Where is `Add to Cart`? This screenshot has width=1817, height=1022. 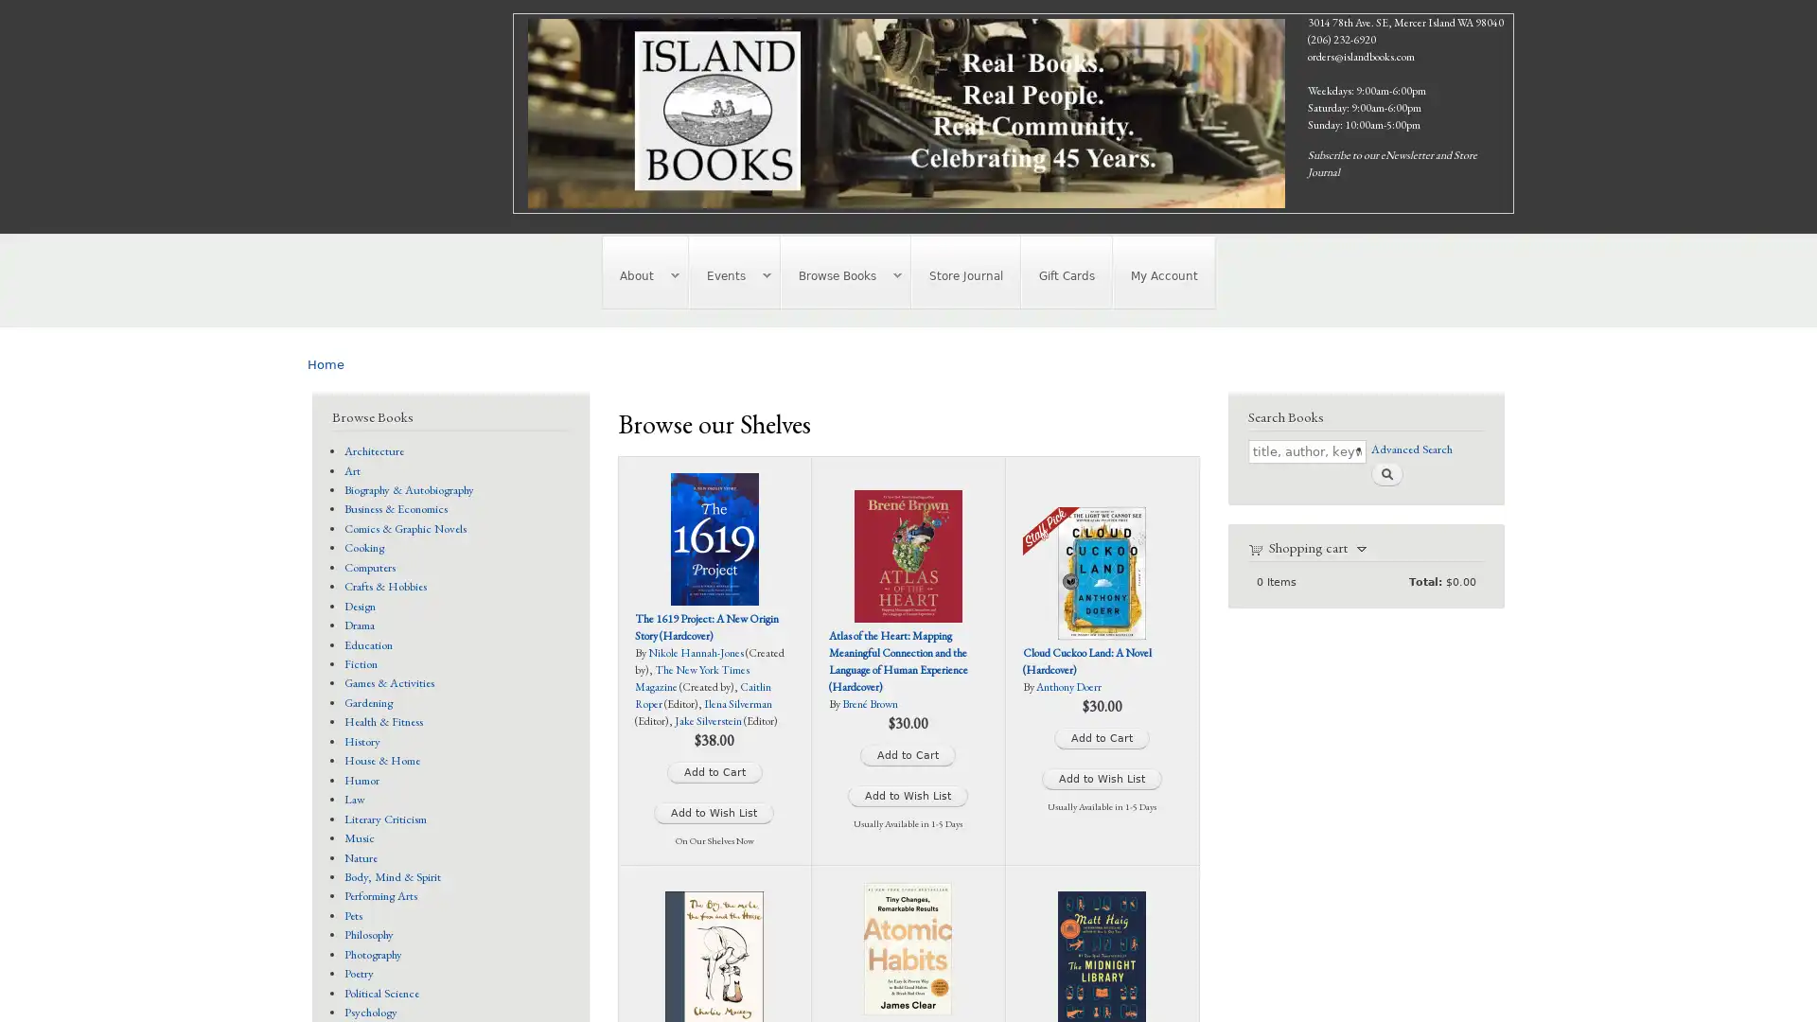 Add to Cart is located at coordinates (1102, 737).